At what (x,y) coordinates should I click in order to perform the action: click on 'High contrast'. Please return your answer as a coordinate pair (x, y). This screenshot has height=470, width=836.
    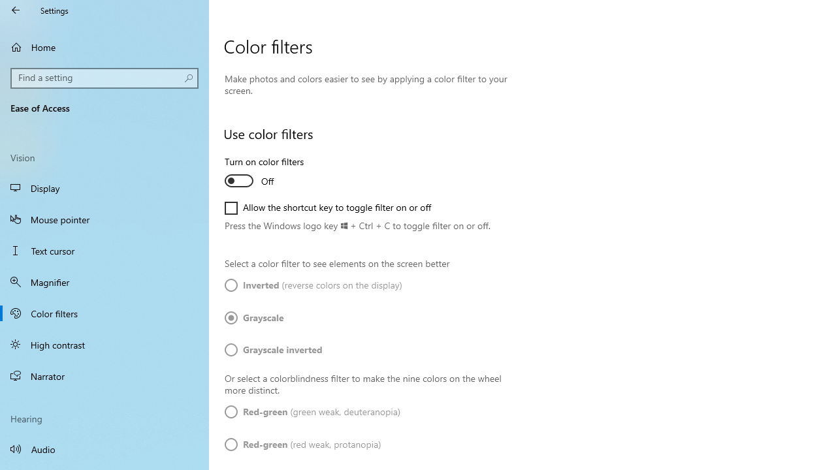
    Looking at the image, I should click on (104, 344).